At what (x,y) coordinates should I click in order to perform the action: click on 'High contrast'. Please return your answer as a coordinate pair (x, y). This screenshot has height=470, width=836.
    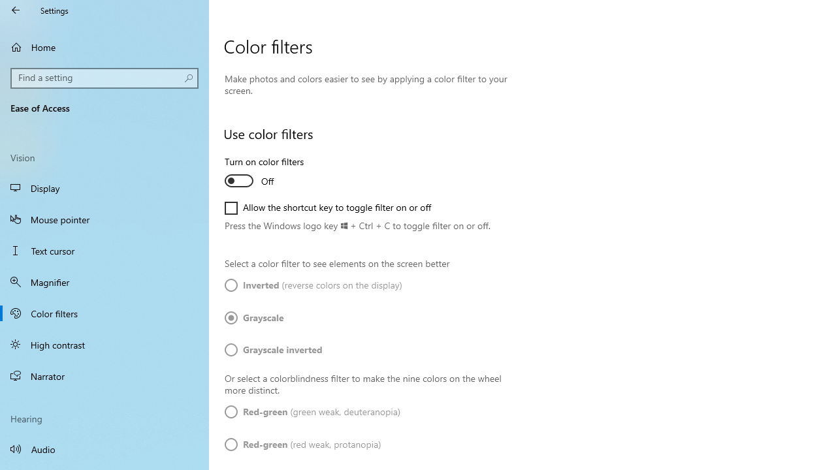
    Looking at the image, I should click on (104, 344).